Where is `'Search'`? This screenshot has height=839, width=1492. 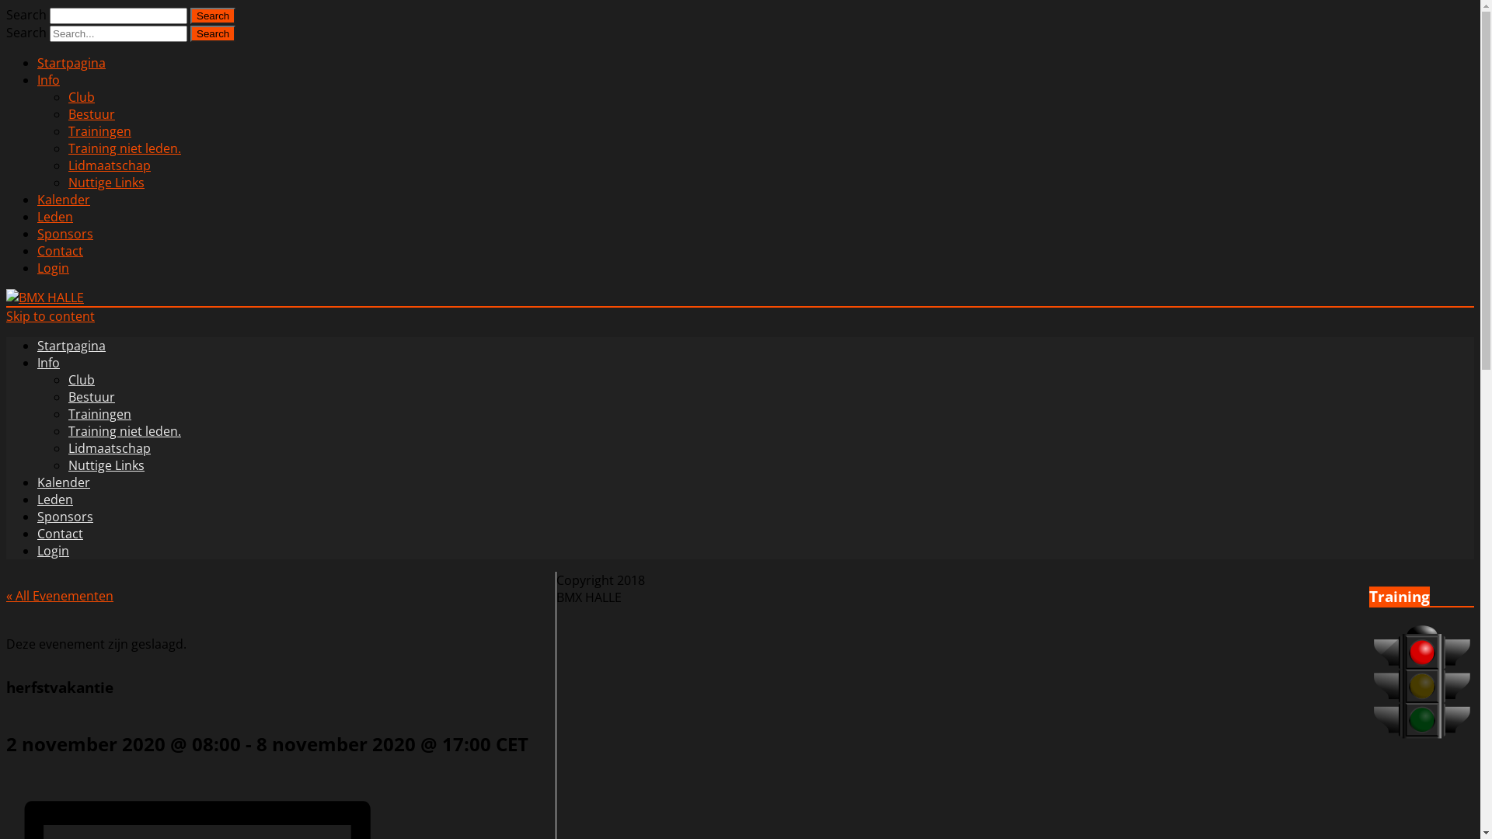
'Search' is located at coordinates (211, 33).